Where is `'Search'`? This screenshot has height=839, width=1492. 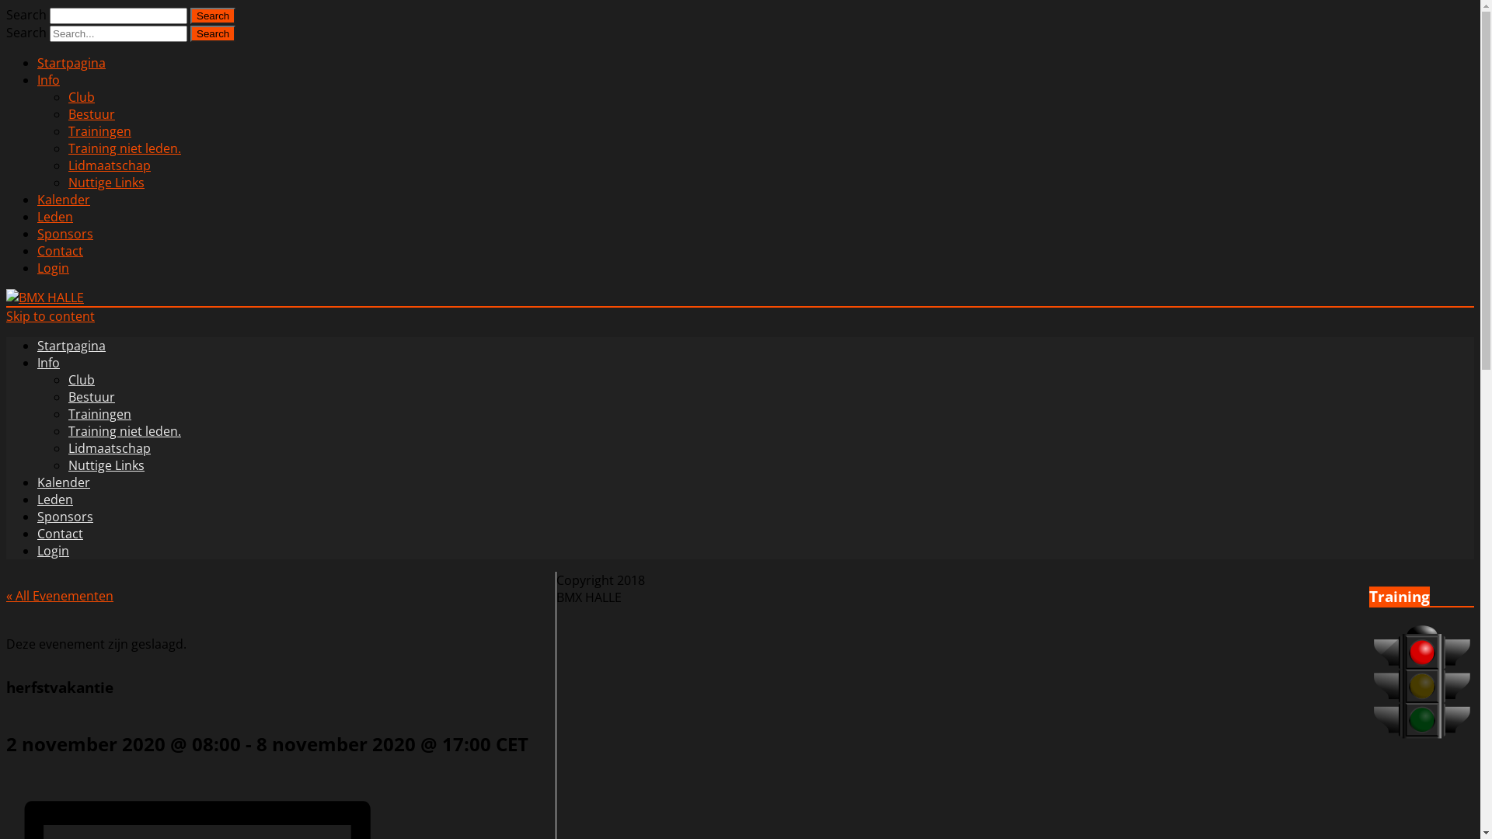
'Search' is located at coordinates (211, 33).